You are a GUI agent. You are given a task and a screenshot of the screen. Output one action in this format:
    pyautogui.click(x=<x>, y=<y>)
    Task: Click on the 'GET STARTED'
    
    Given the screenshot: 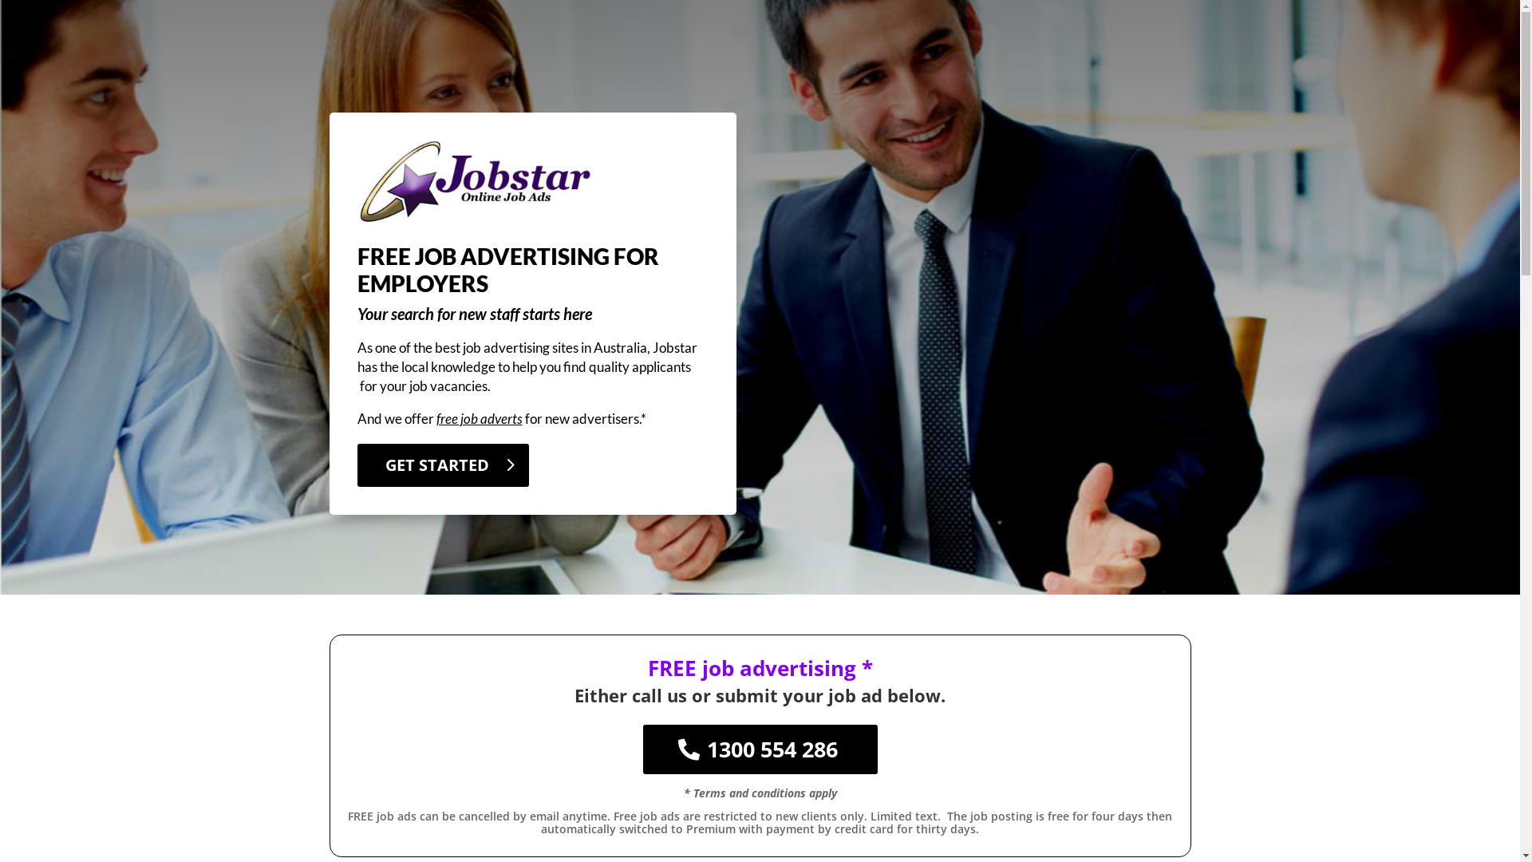 What is the action you would take?
    pyautogui.click(x=443, y=465)
    